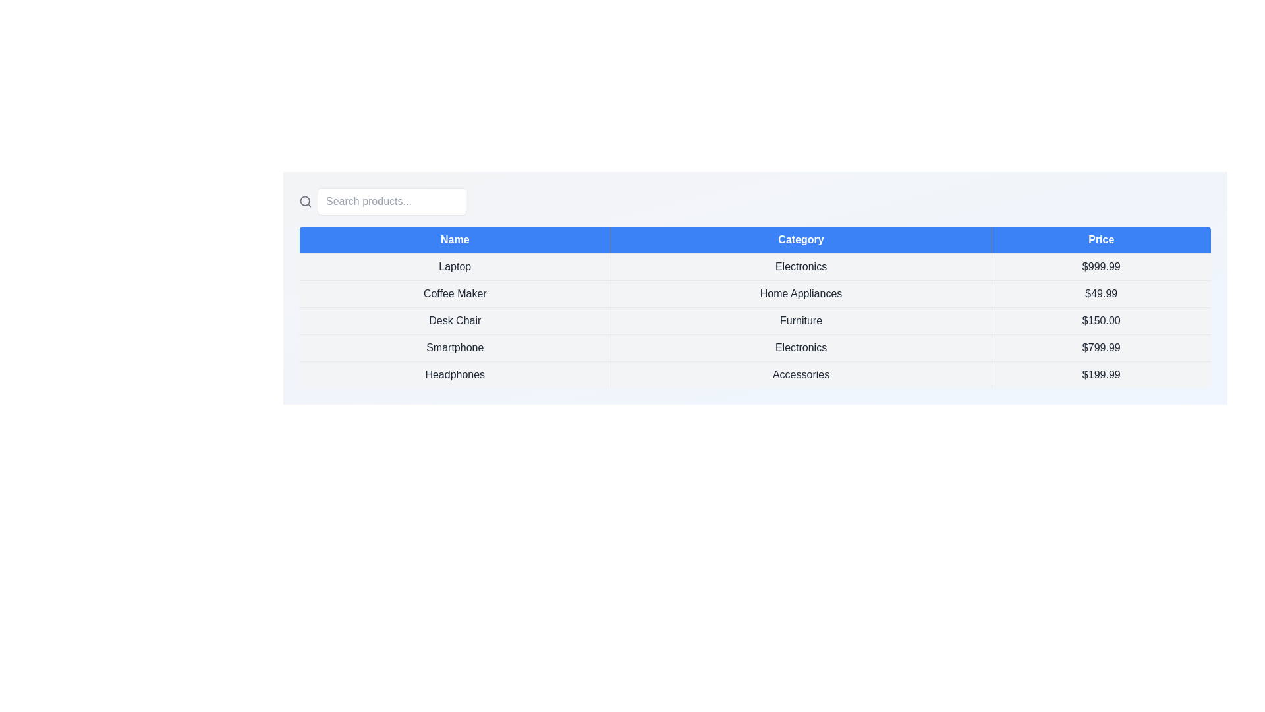 The image size is (1265, 712). Describe the element at coordinates (391, 201) in the screenshot. I see `the text input field with placeholder text 'Search products...' located near the top left corner of the interface` at that location.